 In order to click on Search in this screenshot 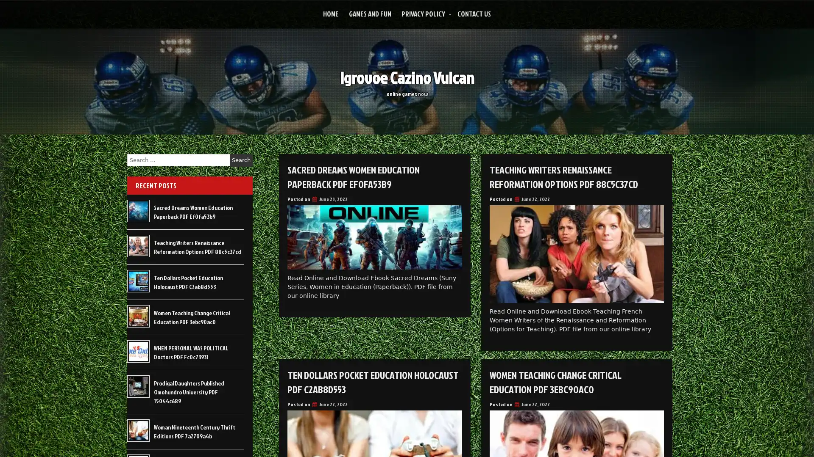, I will do `click(241, 160)`.